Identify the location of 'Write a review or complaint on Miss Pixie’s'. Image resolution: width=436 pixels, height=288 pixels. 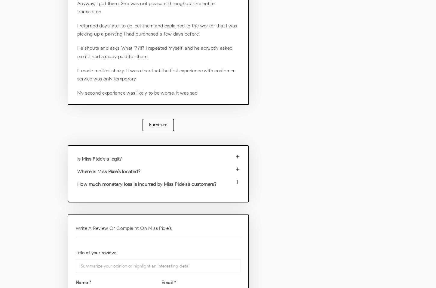
(123, 228).